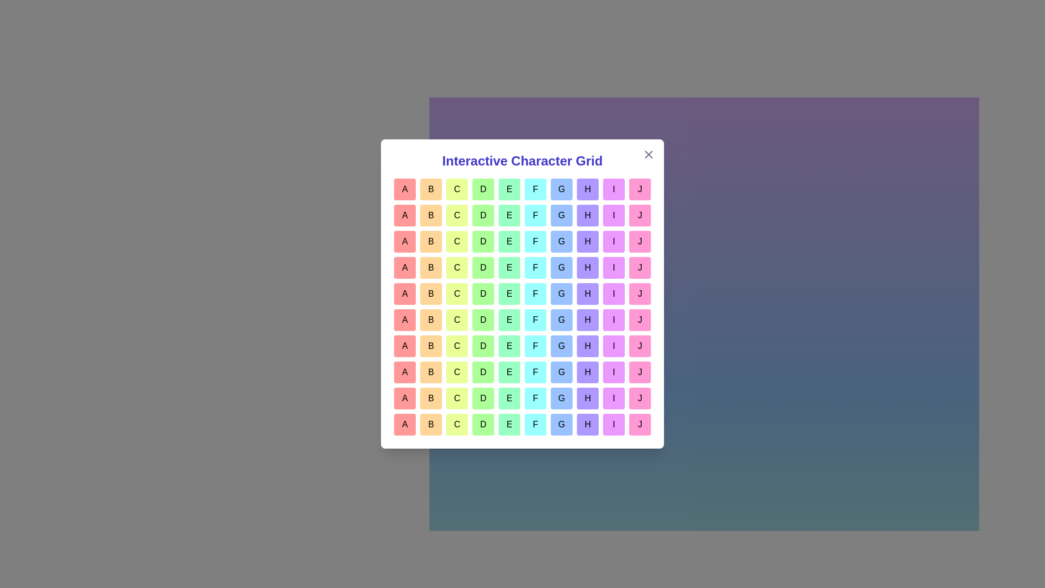 The image size is (1045, 588). What do you see at coordinates (404, 188) in the screenshot?
I see `the grid cell labeled A` at bounding box center [404, 188].